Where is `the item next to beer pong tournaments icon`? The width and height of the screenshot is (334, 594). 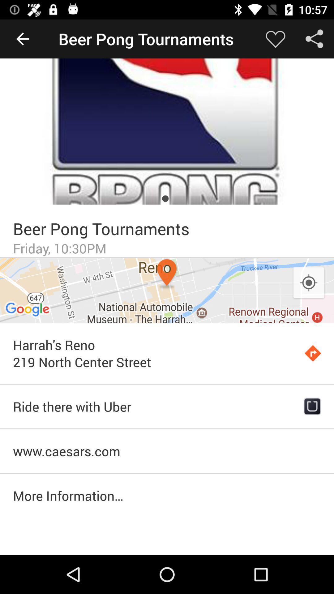
the item next to beer pong tournaments icon is located at coordinates (22, 38).